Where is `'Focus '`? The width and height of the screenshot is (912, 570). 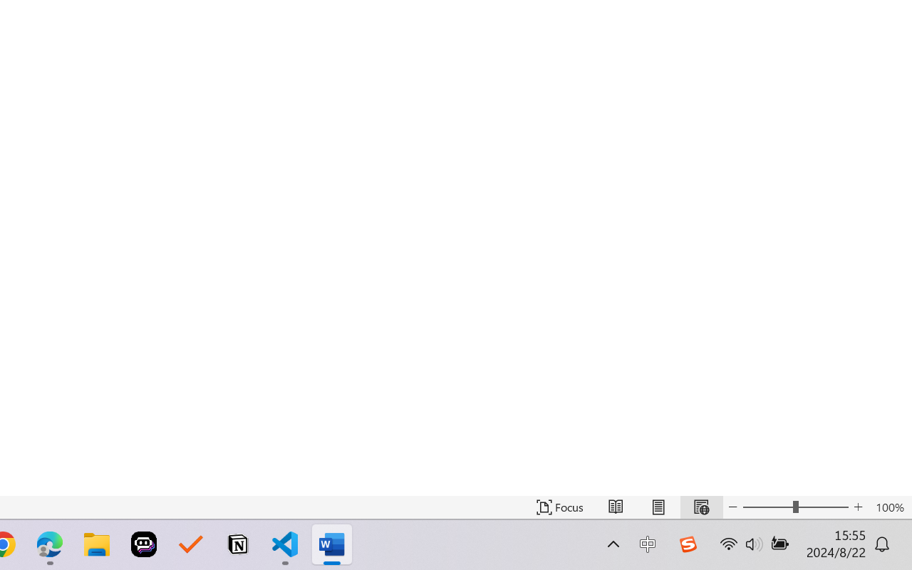
'Focus ' is located at coordinates (559, 507).